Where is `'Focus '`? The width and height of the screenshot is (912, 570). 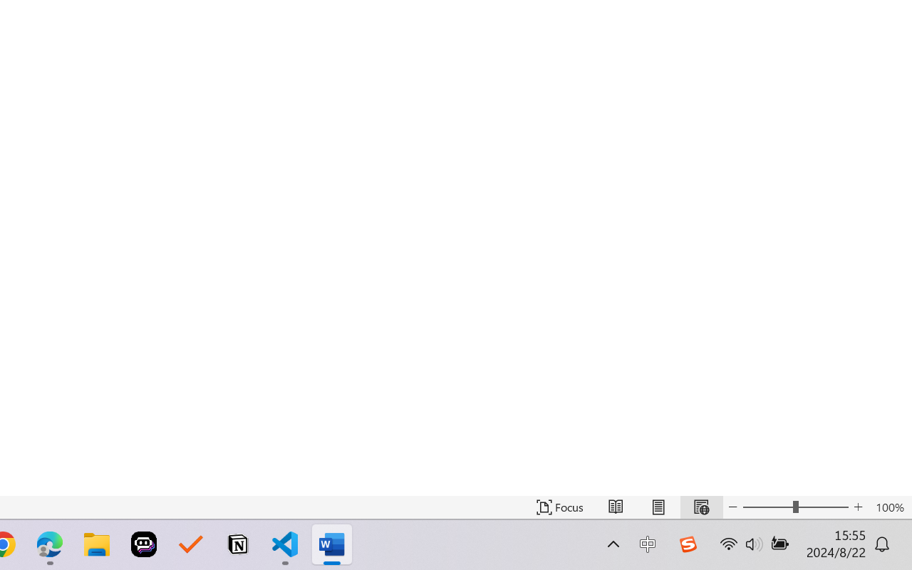
'Focus ' is located at coordinates (559, 507).